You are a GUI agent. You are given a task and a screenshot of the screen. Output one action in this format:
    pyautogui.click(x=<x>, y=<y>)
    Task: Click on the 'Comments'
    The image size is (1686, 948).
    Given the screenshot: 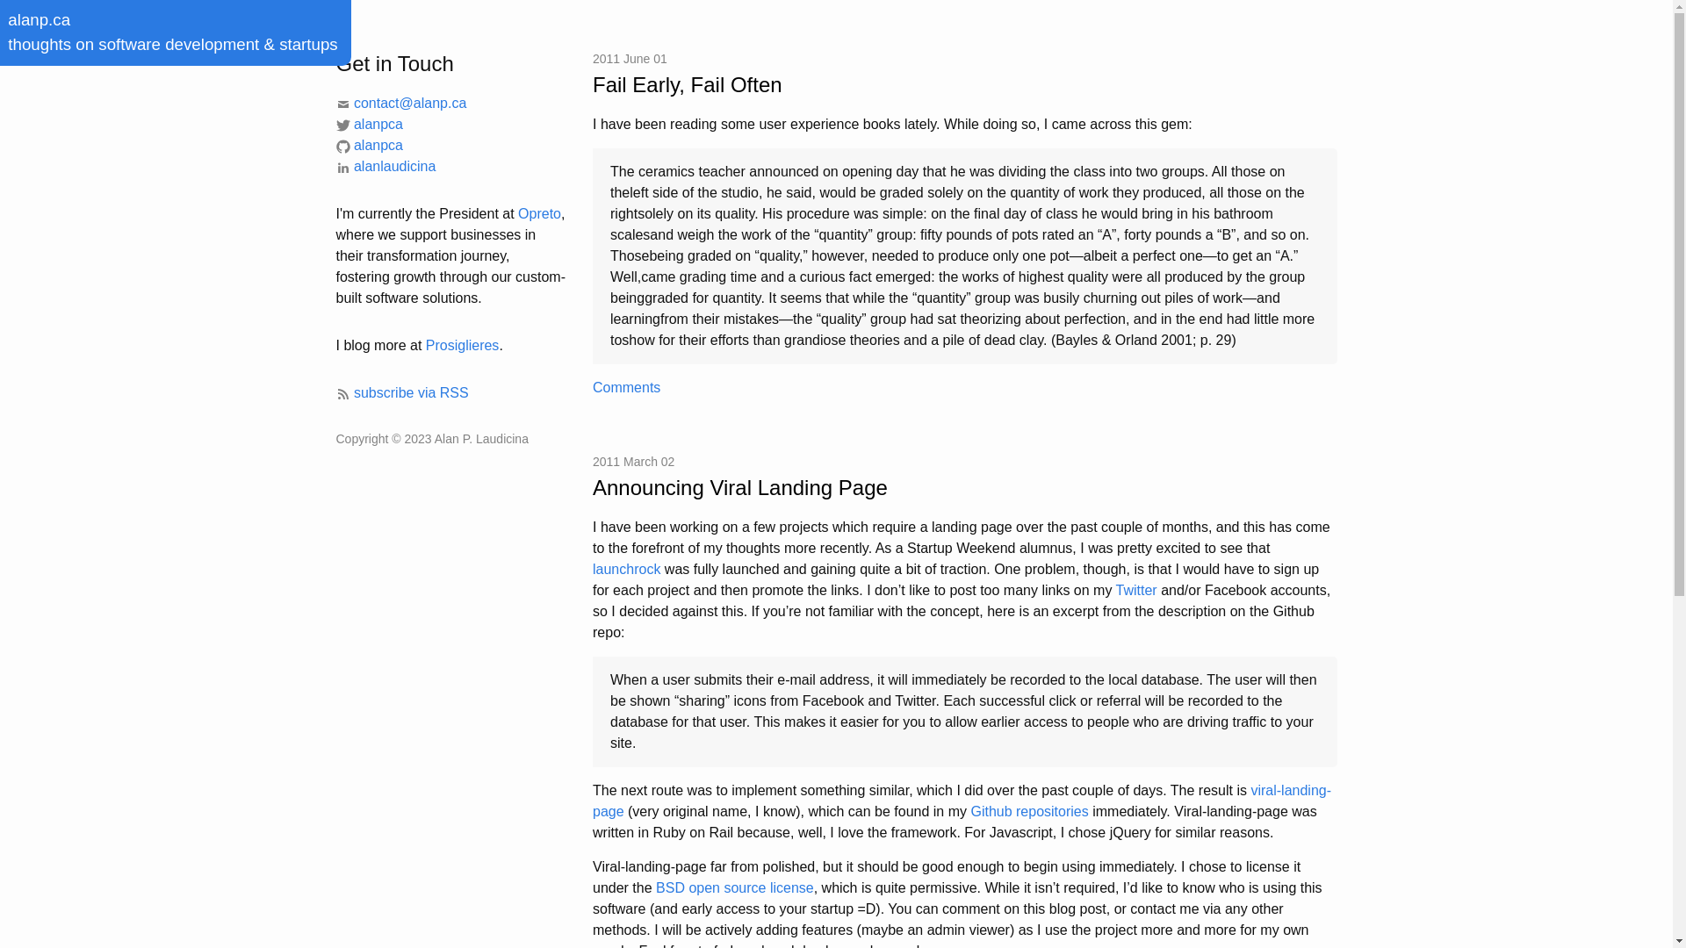 What is the action you would take?
    pyautogui.click(x=626, y=386)
    